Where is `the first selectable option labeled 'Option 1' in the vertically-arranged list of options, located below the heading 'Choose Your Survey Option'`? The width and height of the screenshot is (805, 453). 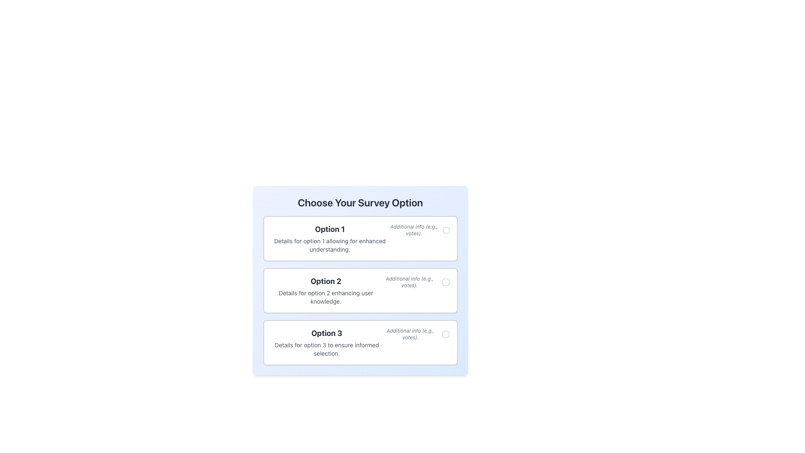 the first selectable option labeled 'Option 1' in the vertically-arranged list of options, located below the heading 'Choose Your Survey Option' is located at coordinates (330, 239).